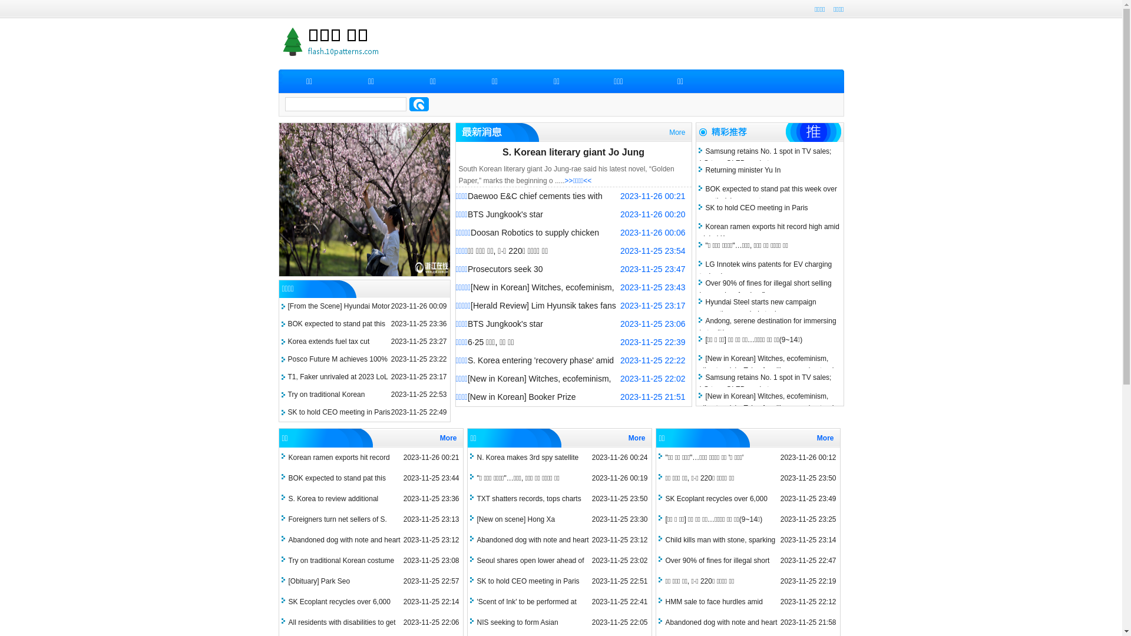  Describe the element at coordinates (826, 438) in the screenshot. I see `'More'` at that location.